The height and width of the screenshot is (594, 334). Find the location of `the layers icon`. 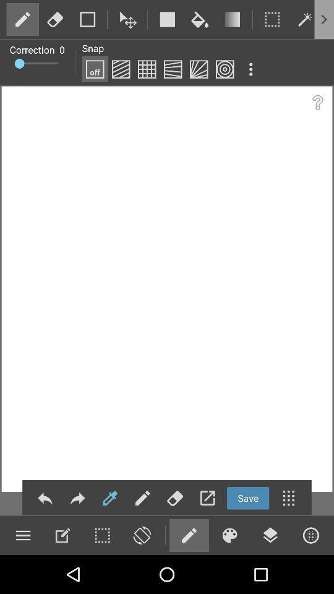

the layers icon is located at coordinates (270, 535).